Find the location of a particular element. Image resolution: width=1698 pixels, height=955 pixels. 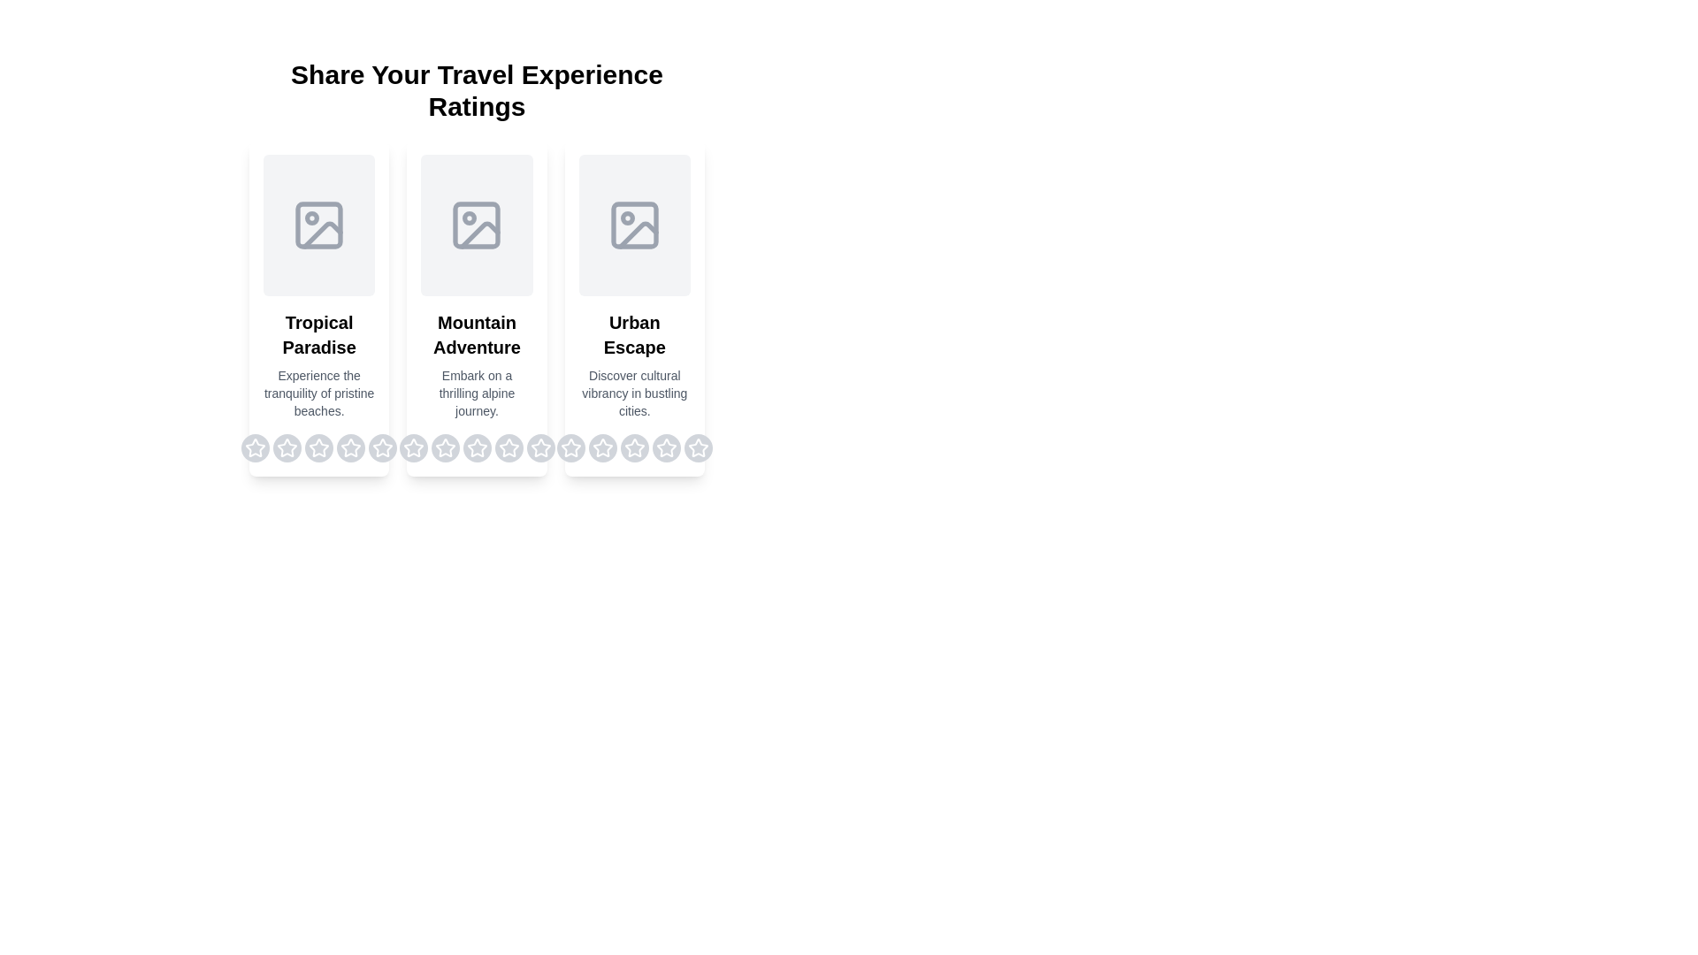

the rating for a destination to 3 stars by clicking on the corresponding star for the destination Mountain Adventure is located at coordinates (477, 447).